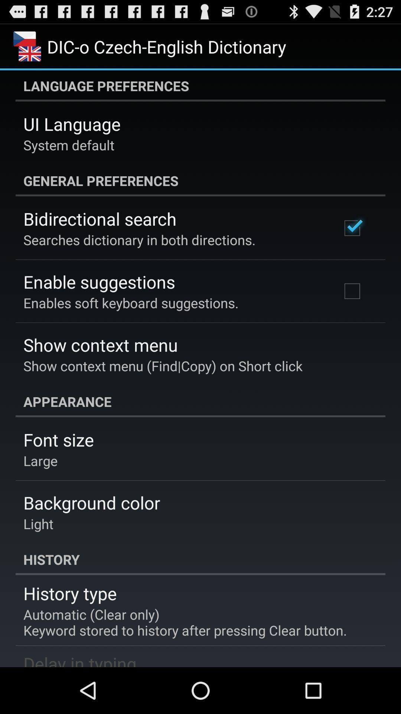 Image resolution: width=401 pixels, height=714 pixels. I want to click on language preferences icon, so click(200, 86).